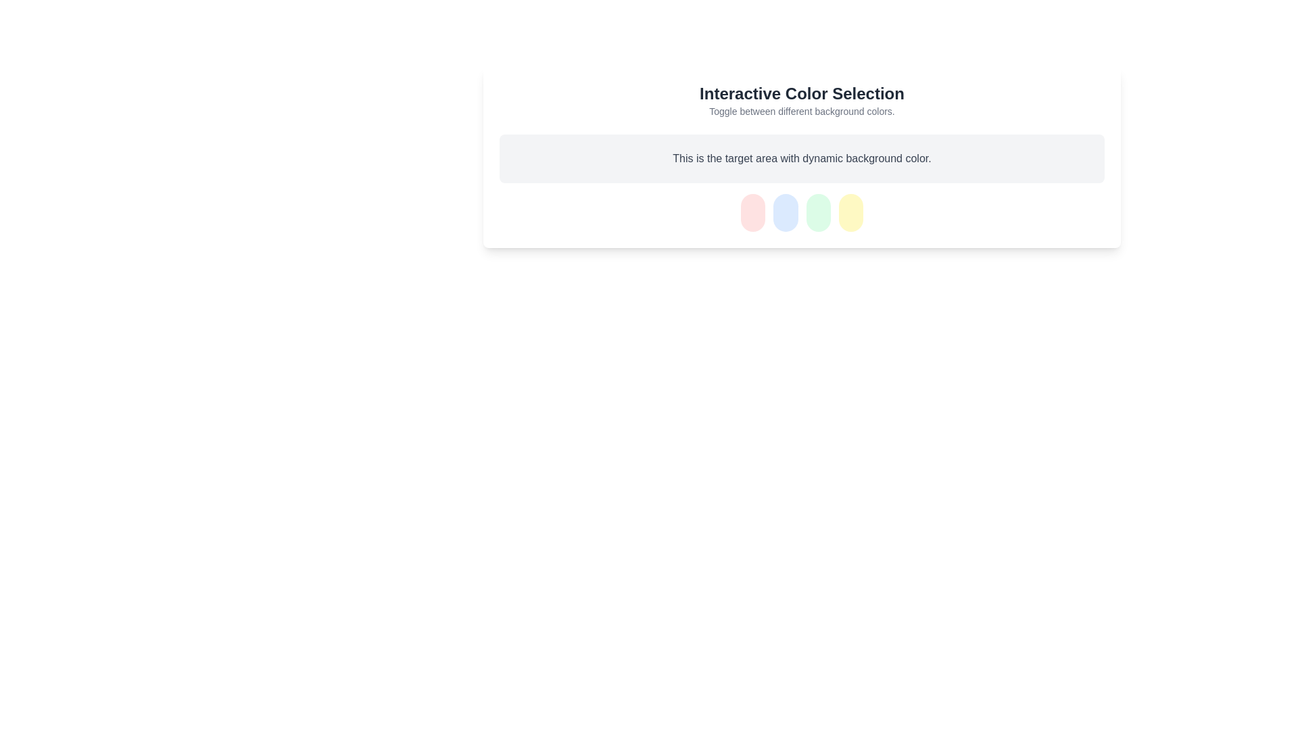 The width and height of the screenshot is (1298, 730). I want to click on the heading titled 'Interactive Color Selection', which is bold, large (2XL font), dark gray, and centrally aligned at the top of its section, so click(802, 93).